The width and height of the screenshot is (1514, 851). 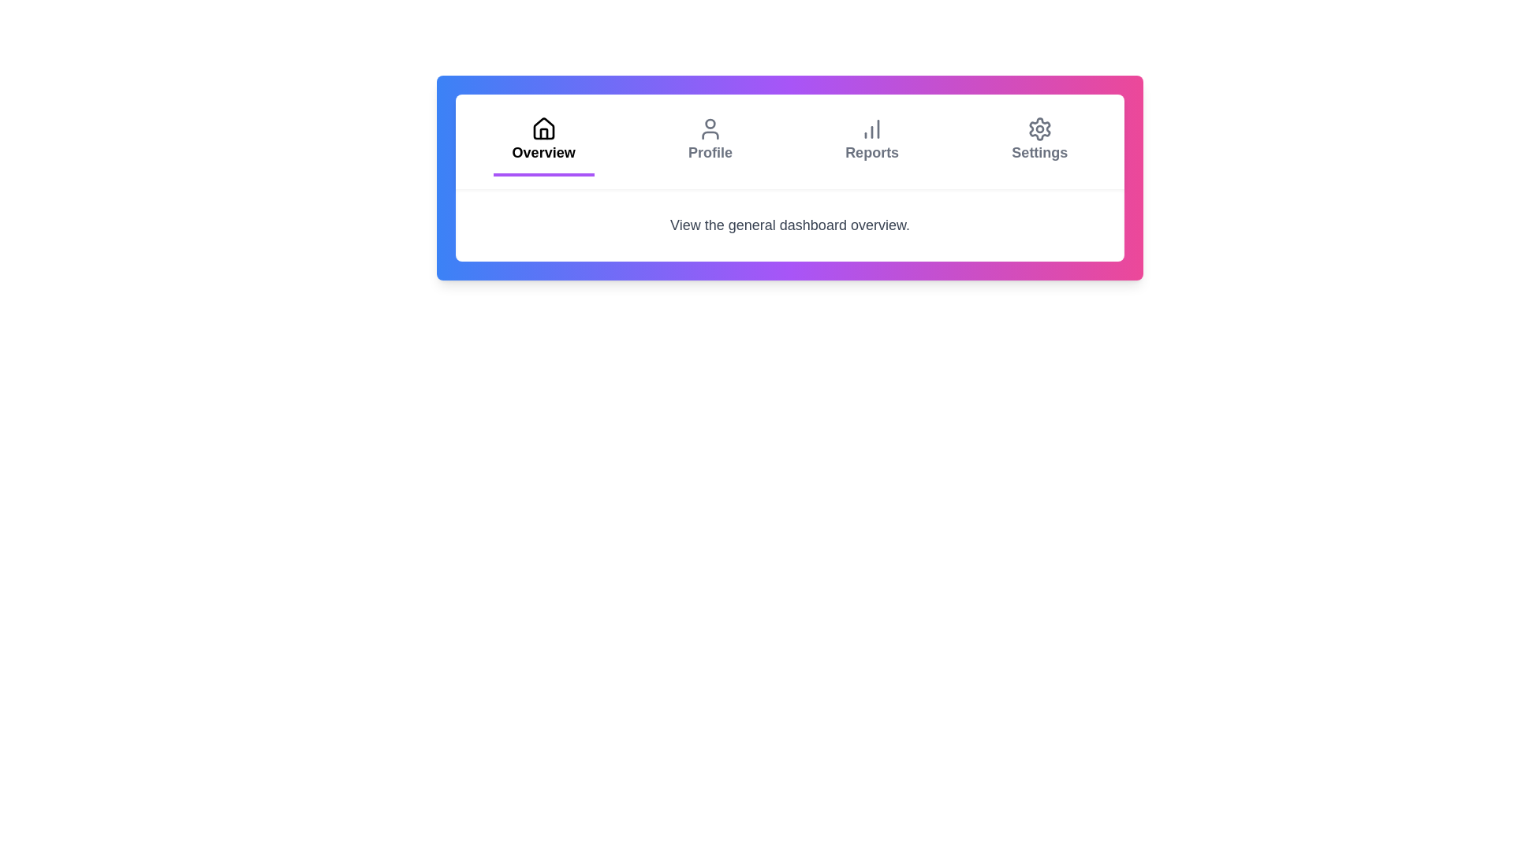 What do you see at coordinates (1039, 152) in the screenshot?
I see `the text label indicating the purpose of the settings navigation item, located in the top-right portion of the navigation bar as the fourth item after 'Overview', 'Profile', and 'Reports'` at bounding box center [1039, 152].